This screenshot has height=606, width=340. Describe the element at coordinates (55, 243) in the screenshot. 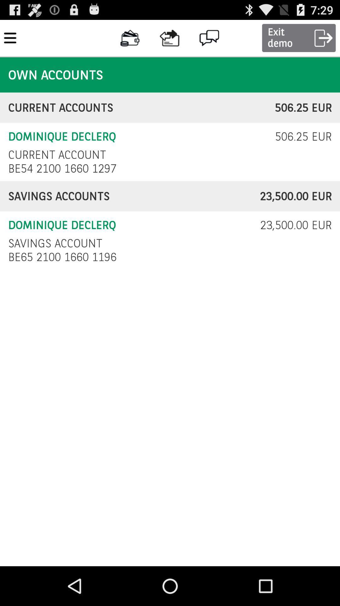

I see `the savings account item` at that location.